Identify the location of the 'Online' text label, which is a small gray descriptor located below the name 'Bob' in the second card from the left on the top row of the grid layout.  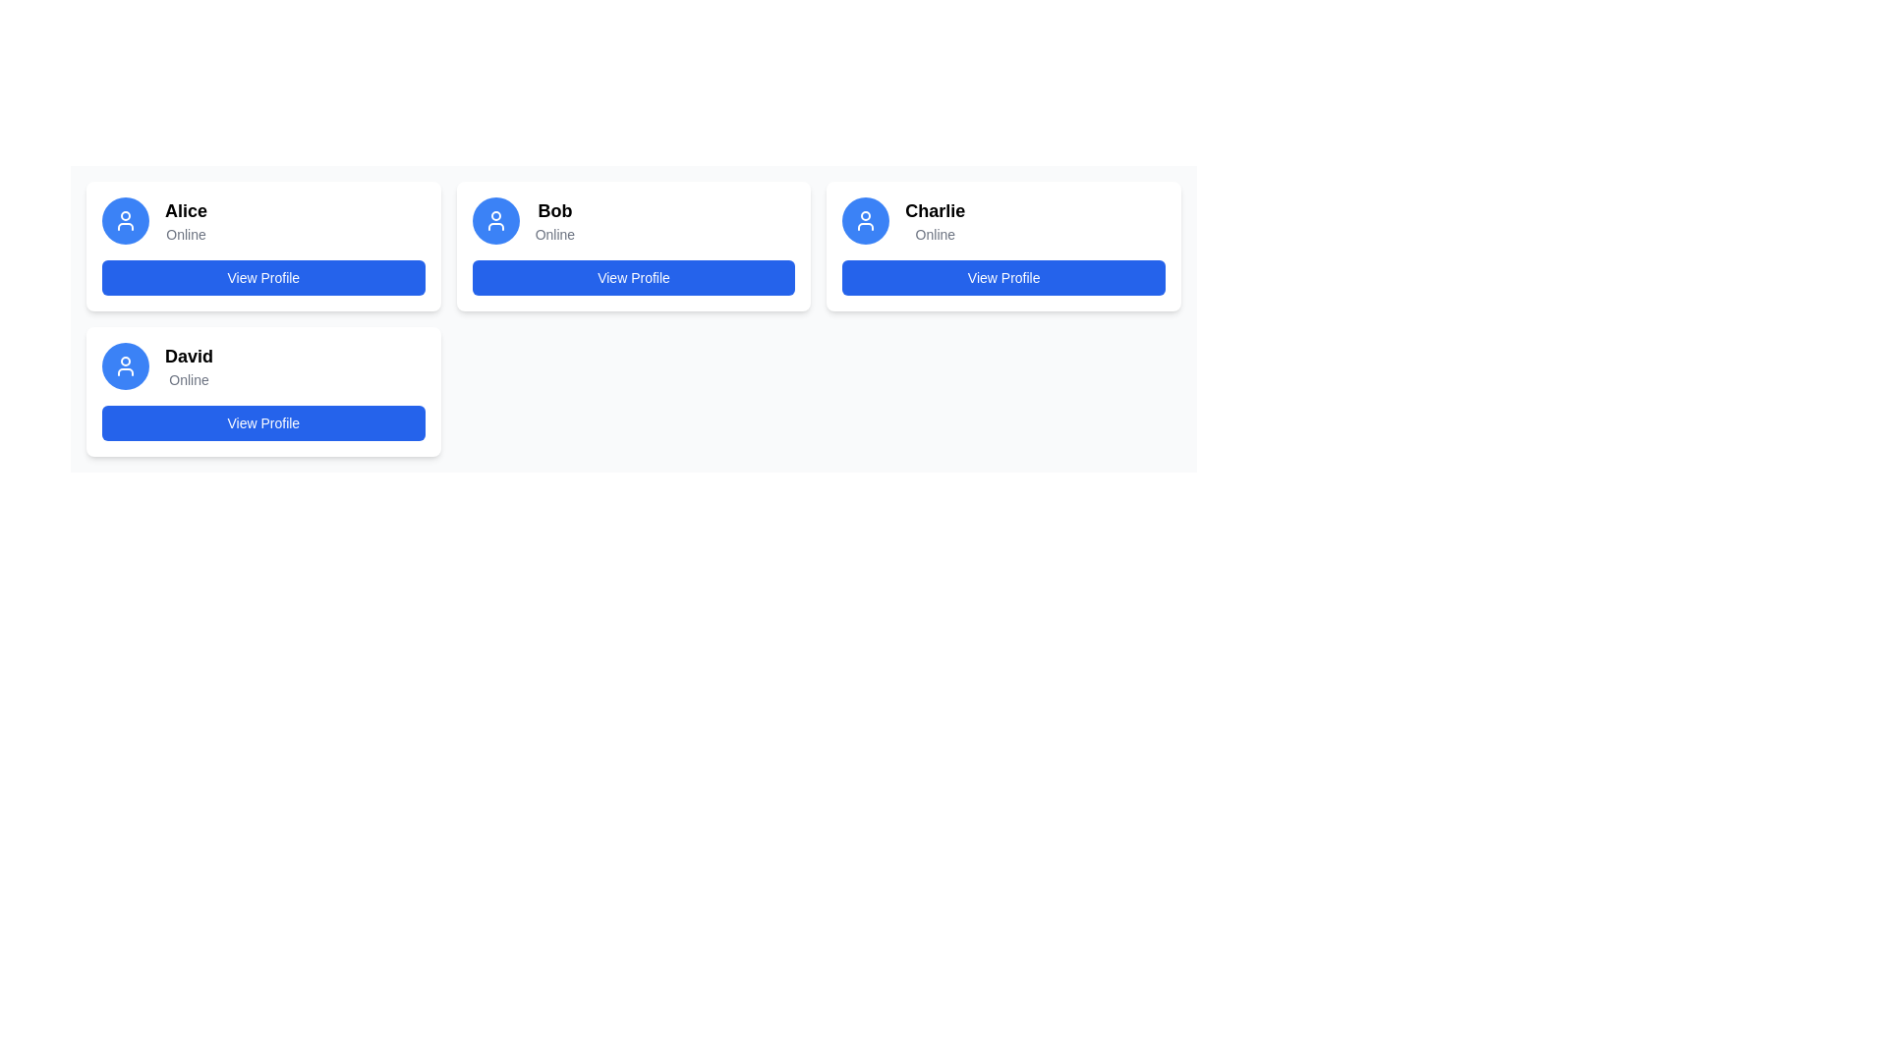
(553, 234).